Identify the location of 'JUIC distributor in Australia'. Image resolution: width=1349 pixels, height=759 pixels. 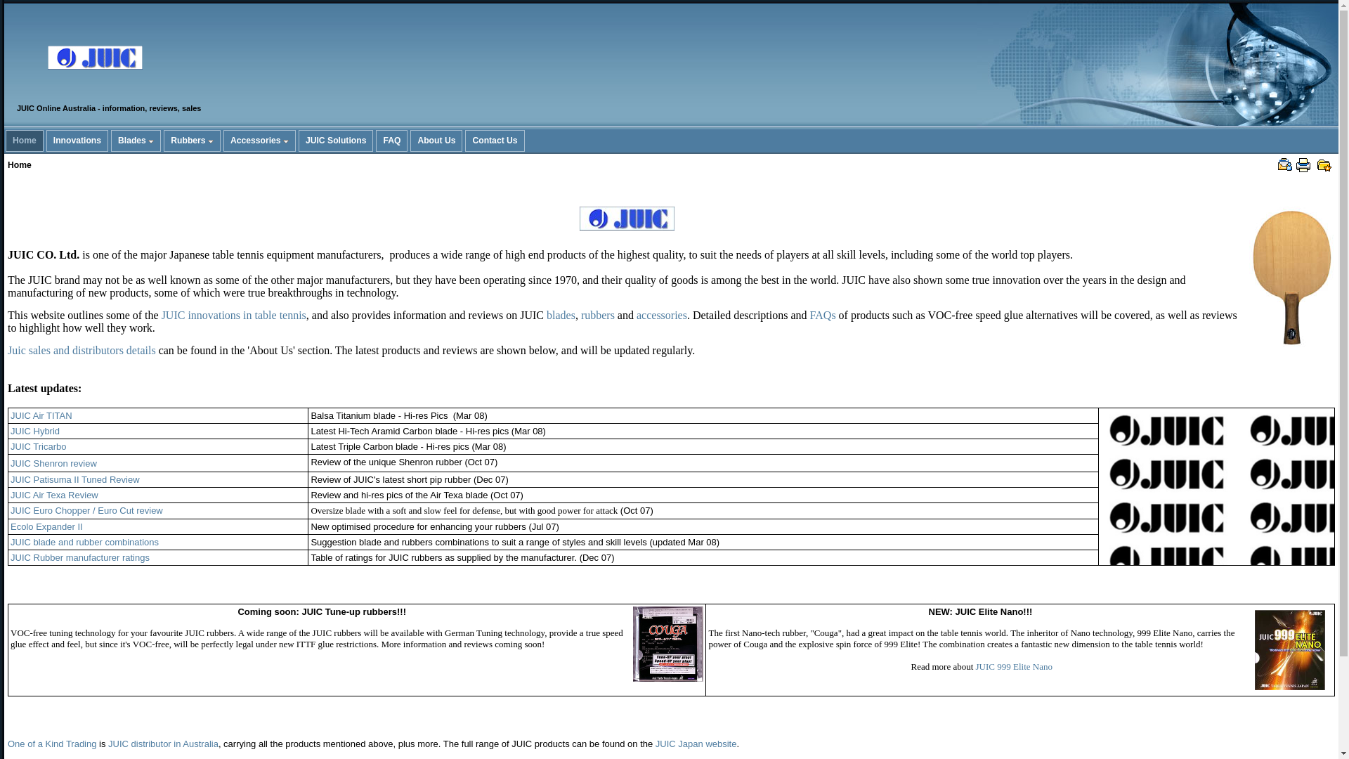
(163, 743).